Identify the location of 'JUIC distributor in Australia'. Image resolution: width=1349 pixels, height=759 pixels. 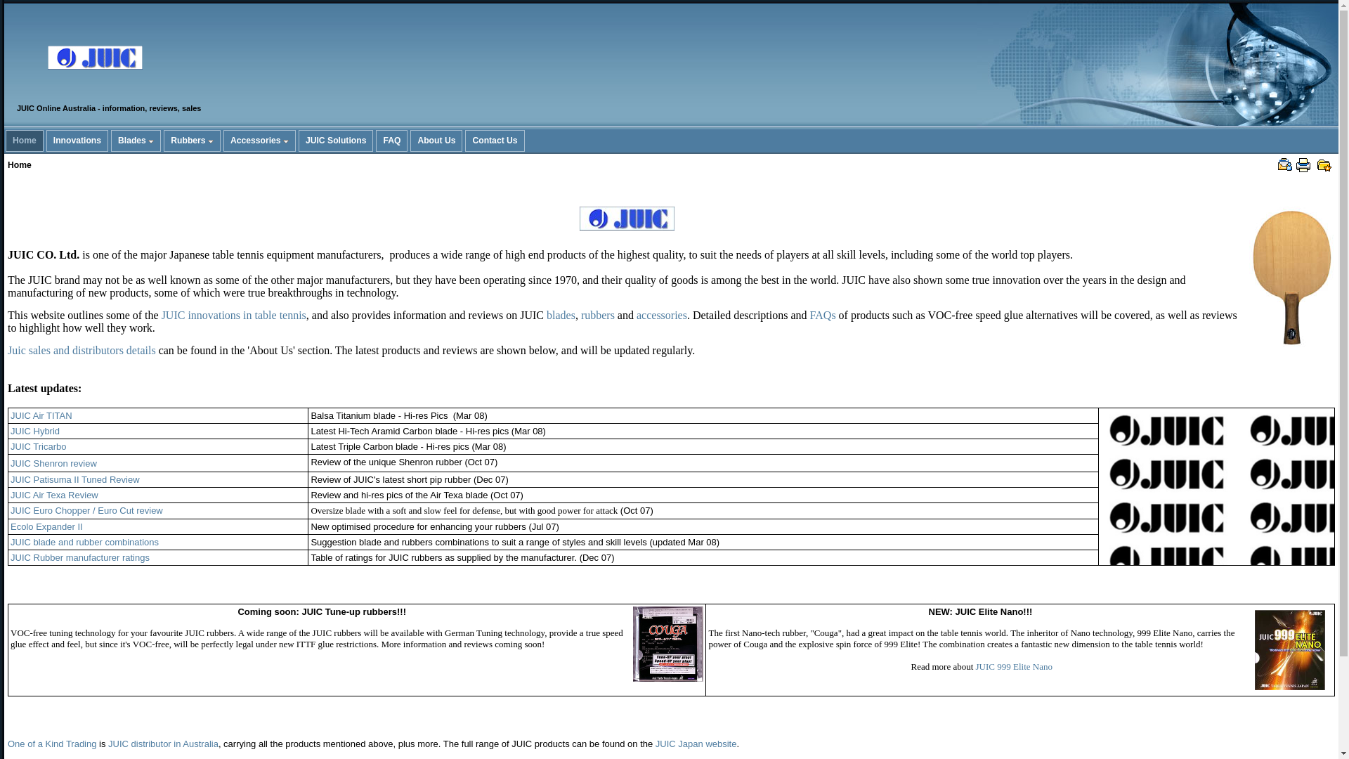
(163, 743).